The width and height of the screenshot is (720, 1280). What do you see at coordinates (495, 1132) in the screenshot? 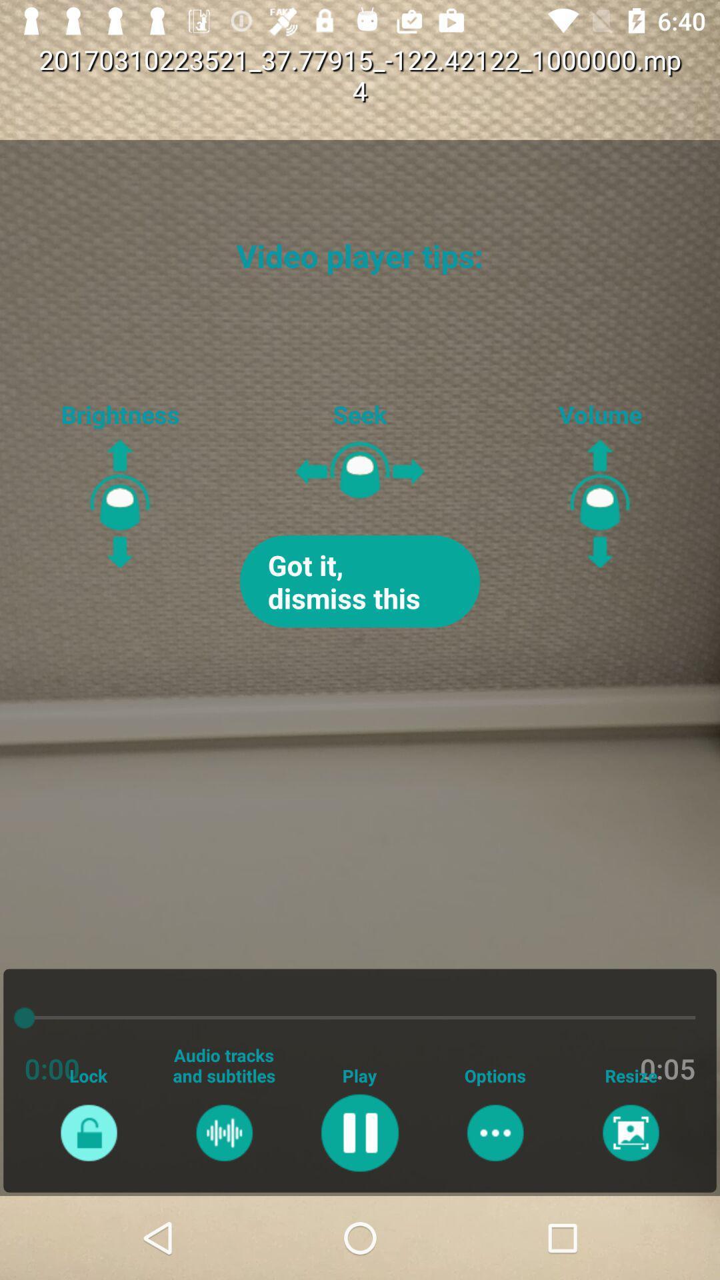
I see `the more icon` at bounding box center [495, 1132].